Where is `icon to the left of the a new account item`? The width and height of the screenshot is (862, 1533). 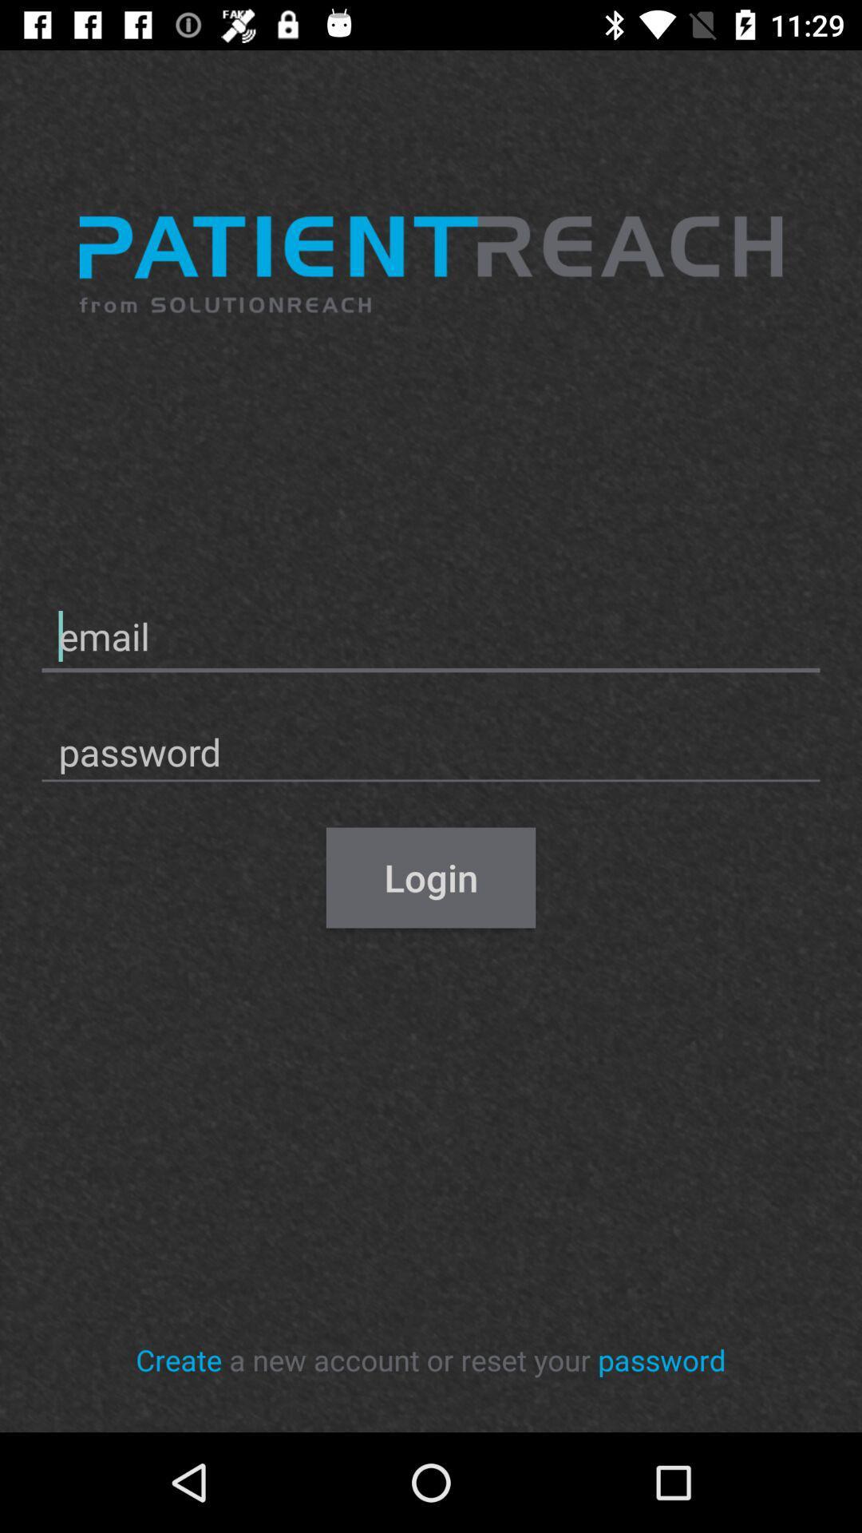 icon to the left of the a new account item is located at coordinates (179, 1359).